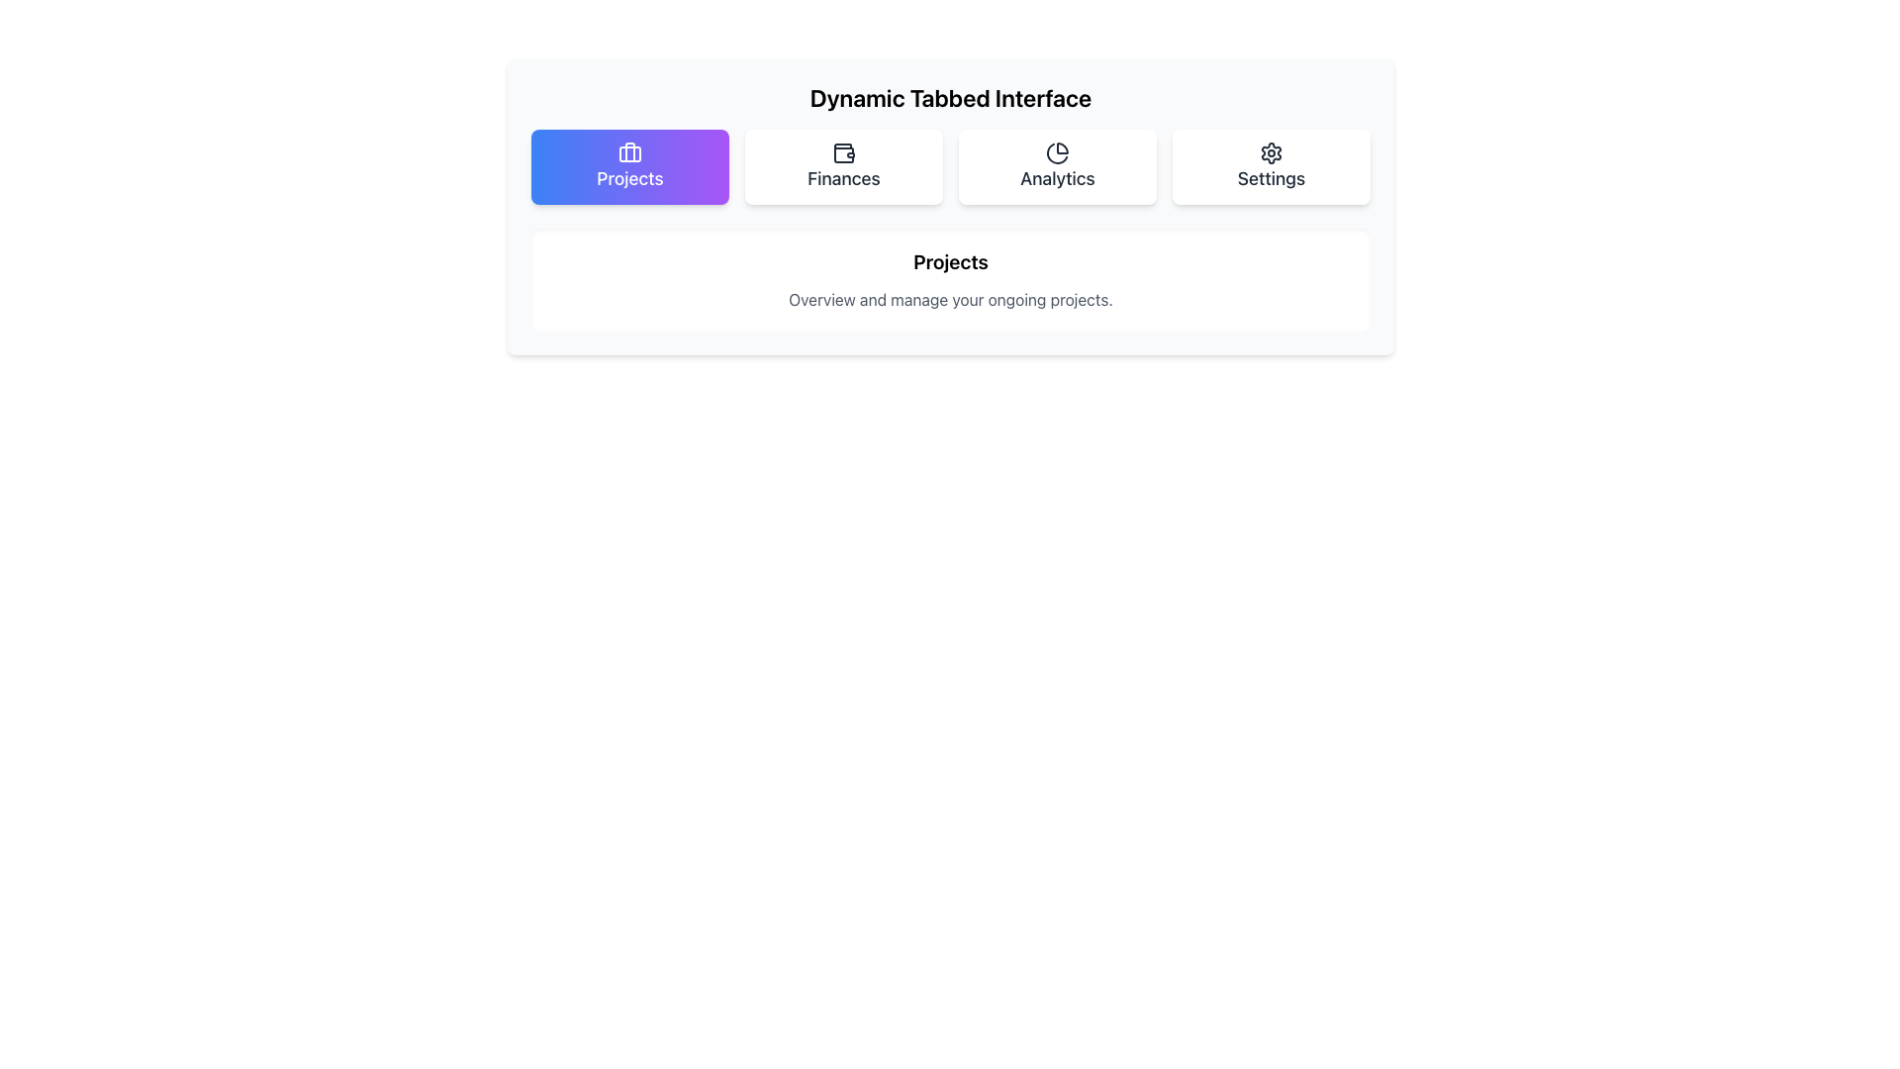 The image size is (1900, 1069). I want to click on the 'Analytics' button, which has a white background, rounded corners, and displays a pie chart icon along with the text 'Analytics' in gray color, so click(1057, 166).